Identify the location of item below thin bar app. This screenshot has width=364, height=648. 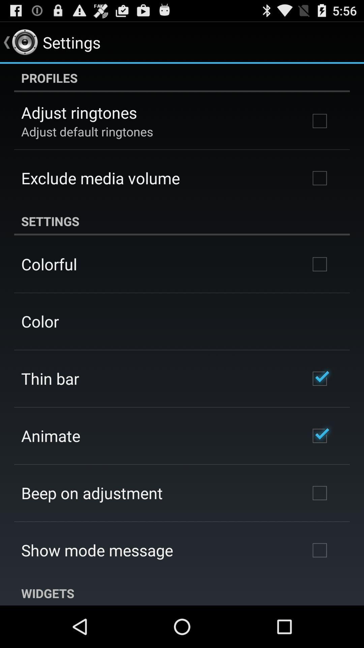
(50, 436).